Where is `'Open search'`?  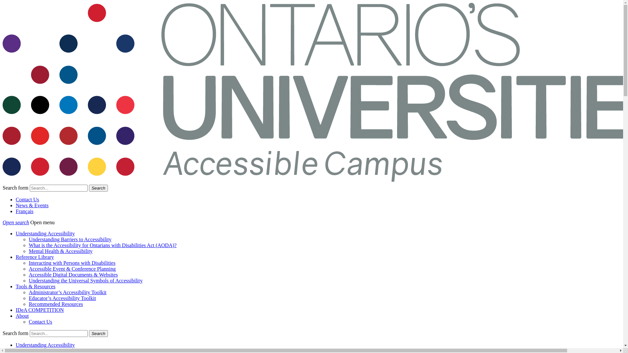 'Open search' is located at coordinates (3, 222).